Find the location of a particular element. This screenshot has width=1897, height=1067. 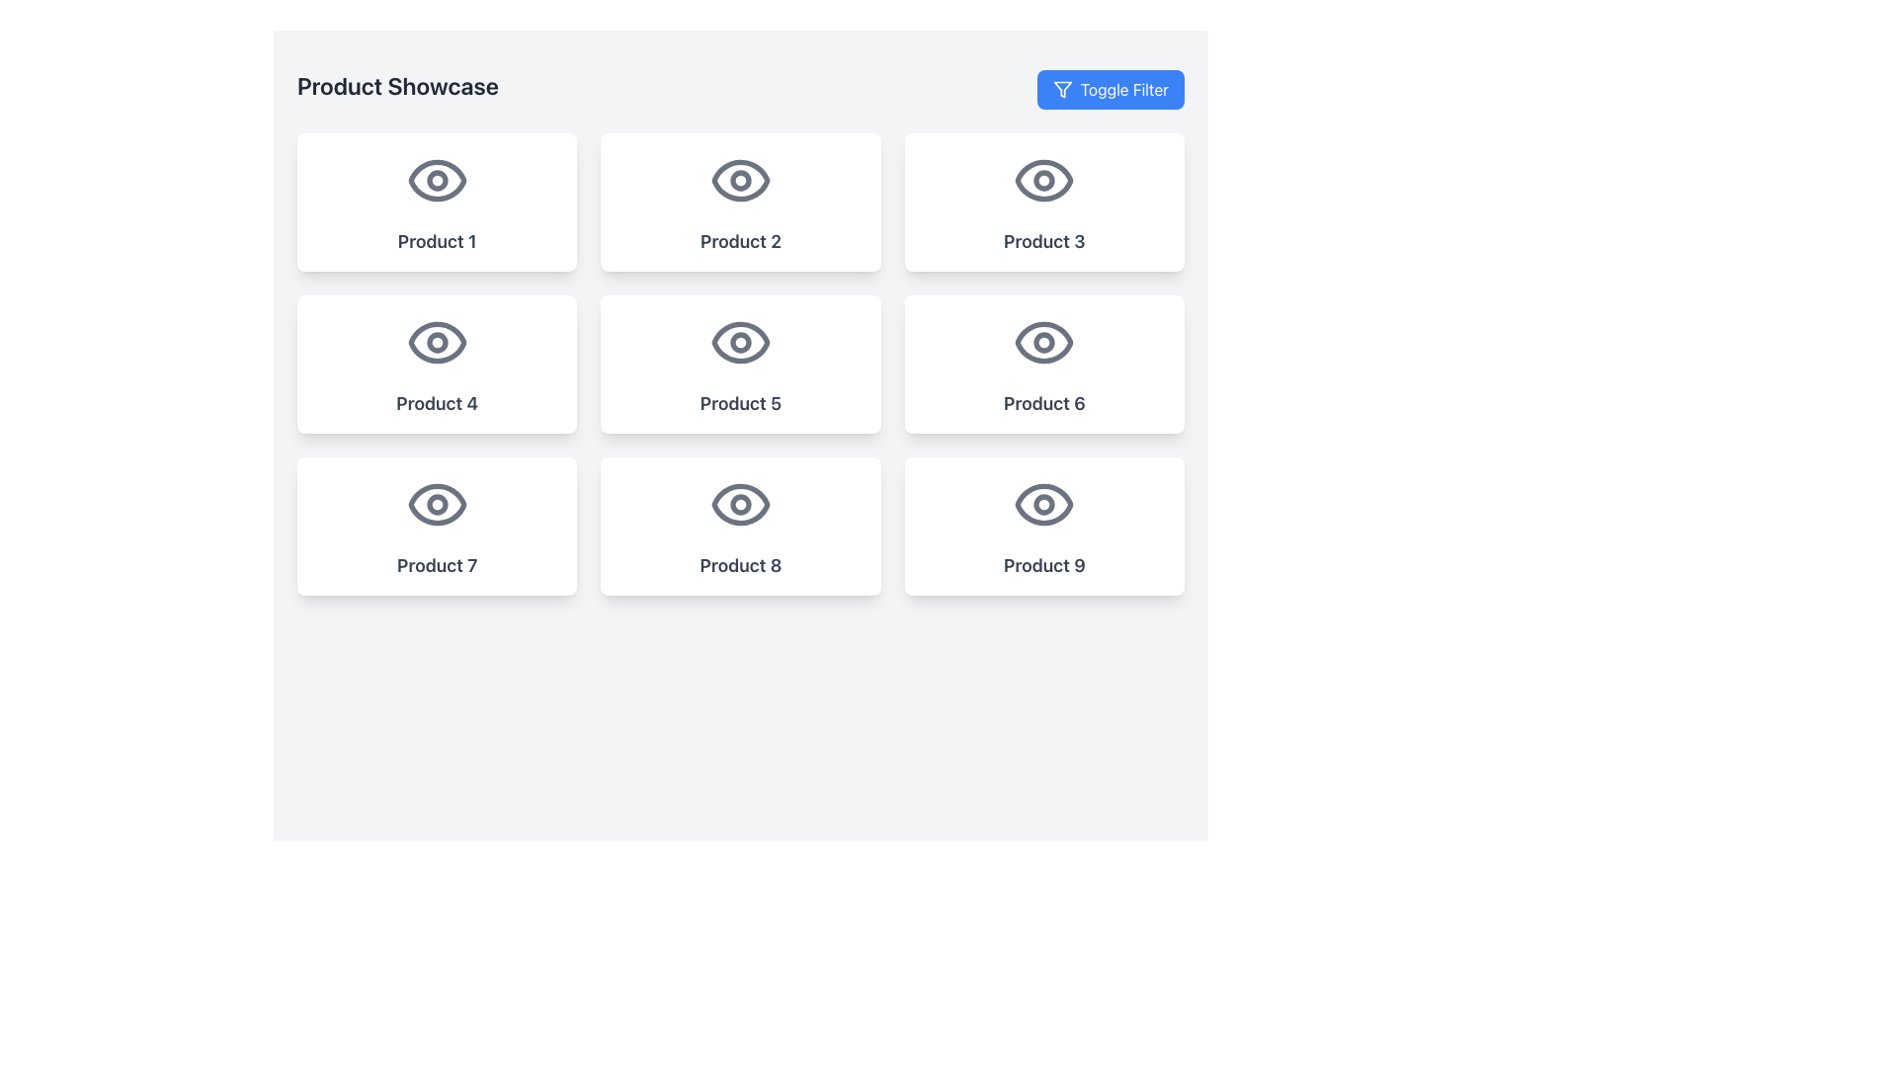

the filter icon, which is a compact triangular shape located in the top-right corner of the blue 'Toggle Filter' button is located at coordinates (1061, 90).